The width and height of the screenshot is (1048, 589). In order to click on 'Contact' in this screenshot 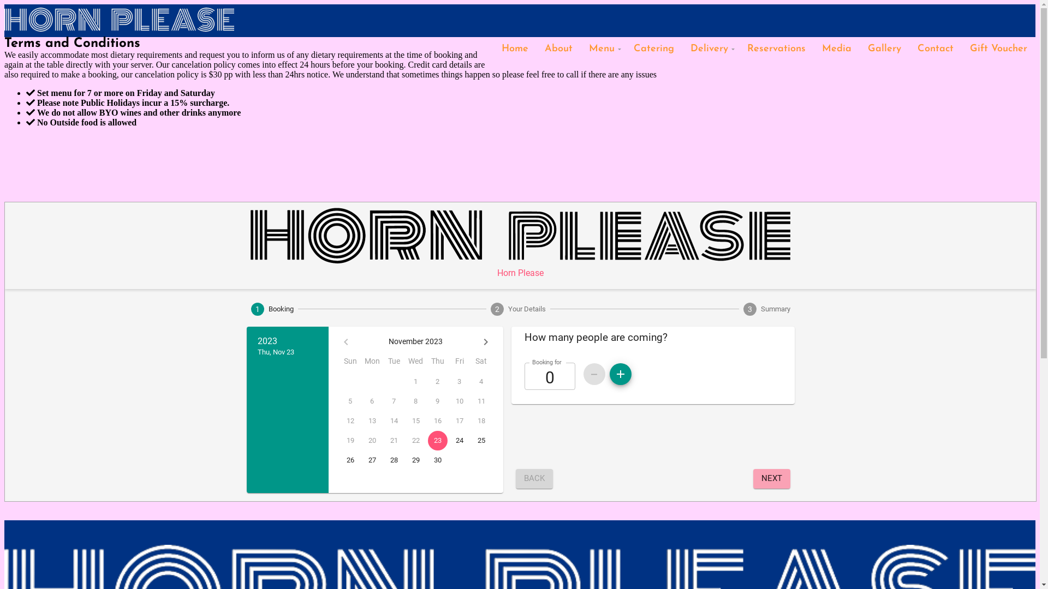, I will do `click(909, 48)`.